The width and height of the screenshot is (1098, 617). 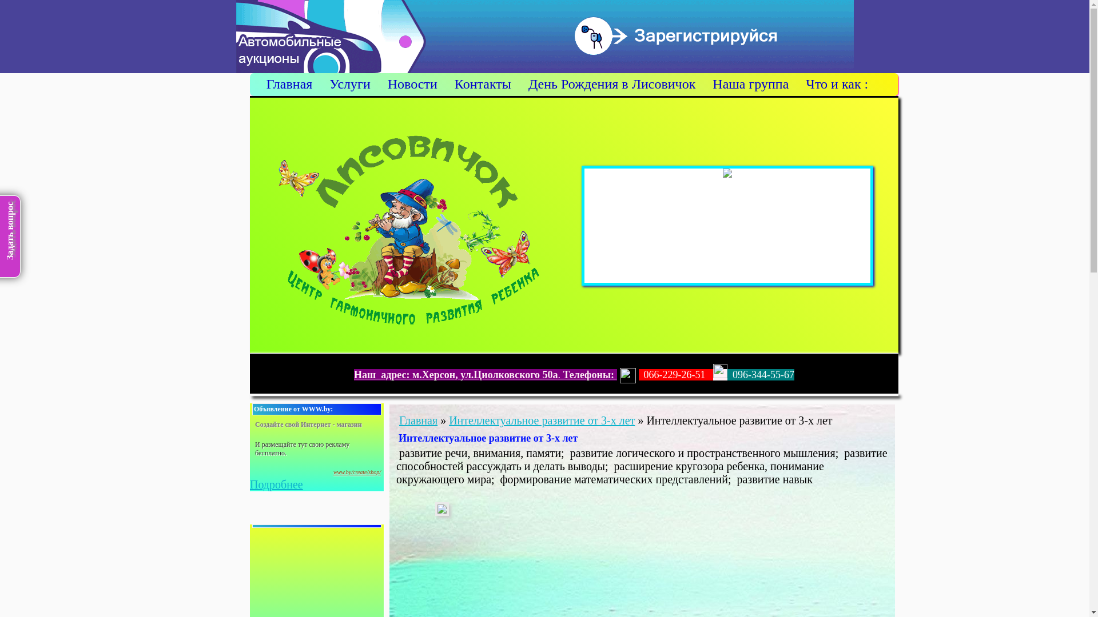 I want to click on 'www.by/create/shop/', so click(x=356, y=472).